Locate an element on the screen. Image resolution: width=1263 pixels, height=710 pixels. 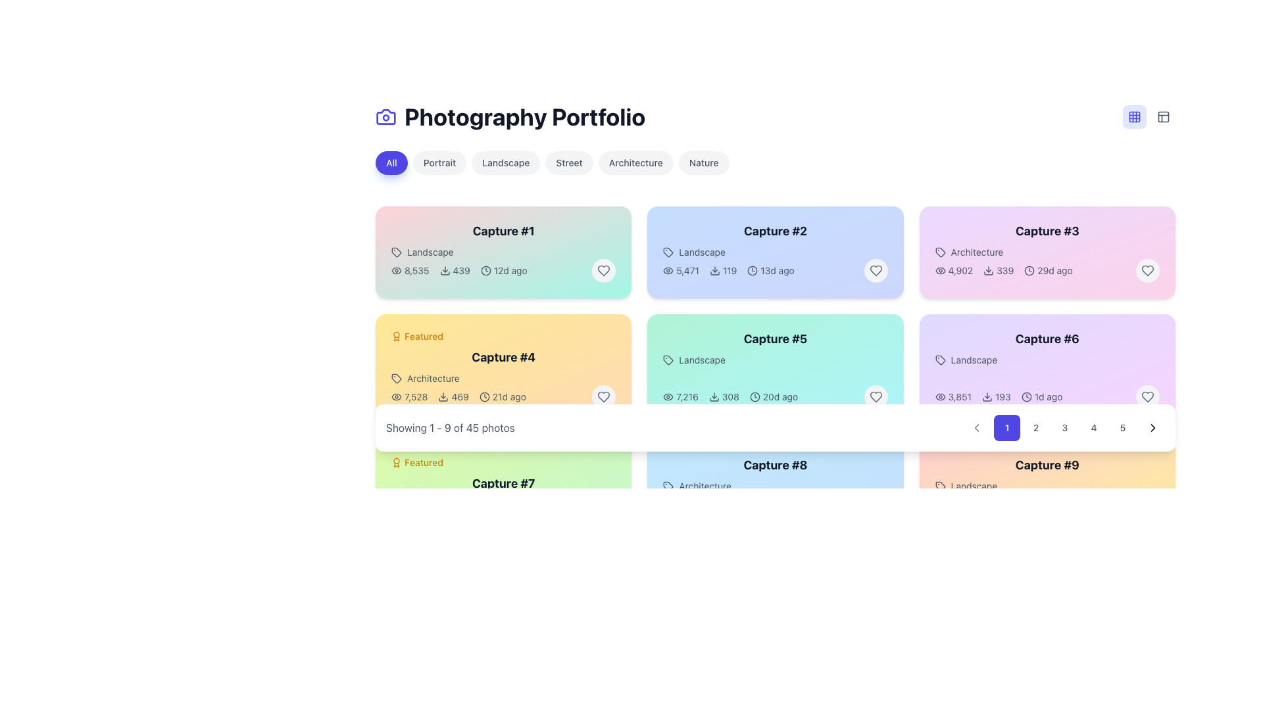
the eye-shaped icon located to the left of the number '4,902' in the 'Capture #3' card in the top-right corner of the display grid is located at coordinates (939, 270).